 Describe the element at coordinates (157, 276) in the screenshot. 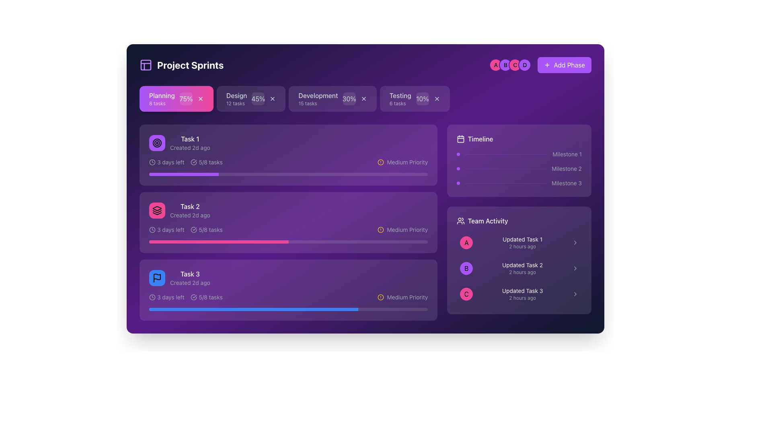

I see `the curved blue flag icon, which is the leftmost emblem in the third task card of the vertical task list, located above the task's progress bar` at that location.